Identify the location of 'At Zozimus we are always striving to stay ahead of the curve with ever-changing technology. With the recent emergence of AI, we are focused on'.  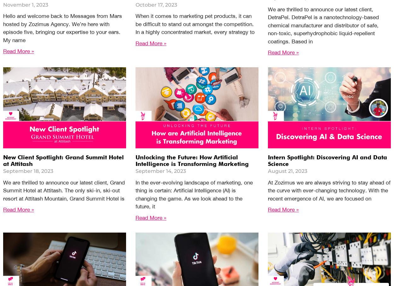
(329, 190).